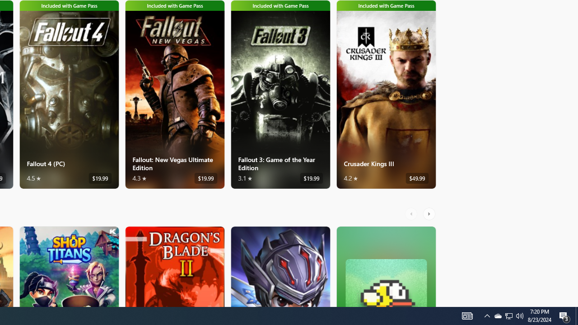  Describe the element at coordinates (429, 214) in the screenshot. I see `'AutomationID: RightScrollButton'` at that location.